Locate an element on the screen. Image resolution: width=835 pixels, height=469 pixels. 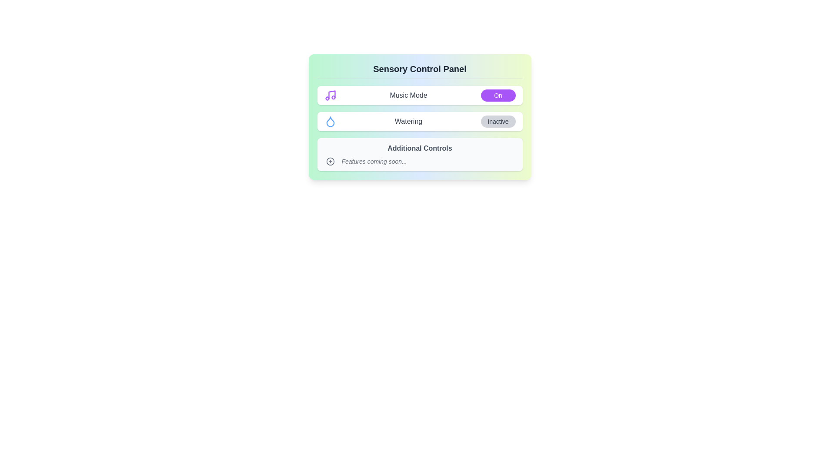
the Information Box containing the heading 'Additional Controls' and the text 'Features coming soon...' is located at coordinates (420, 154).